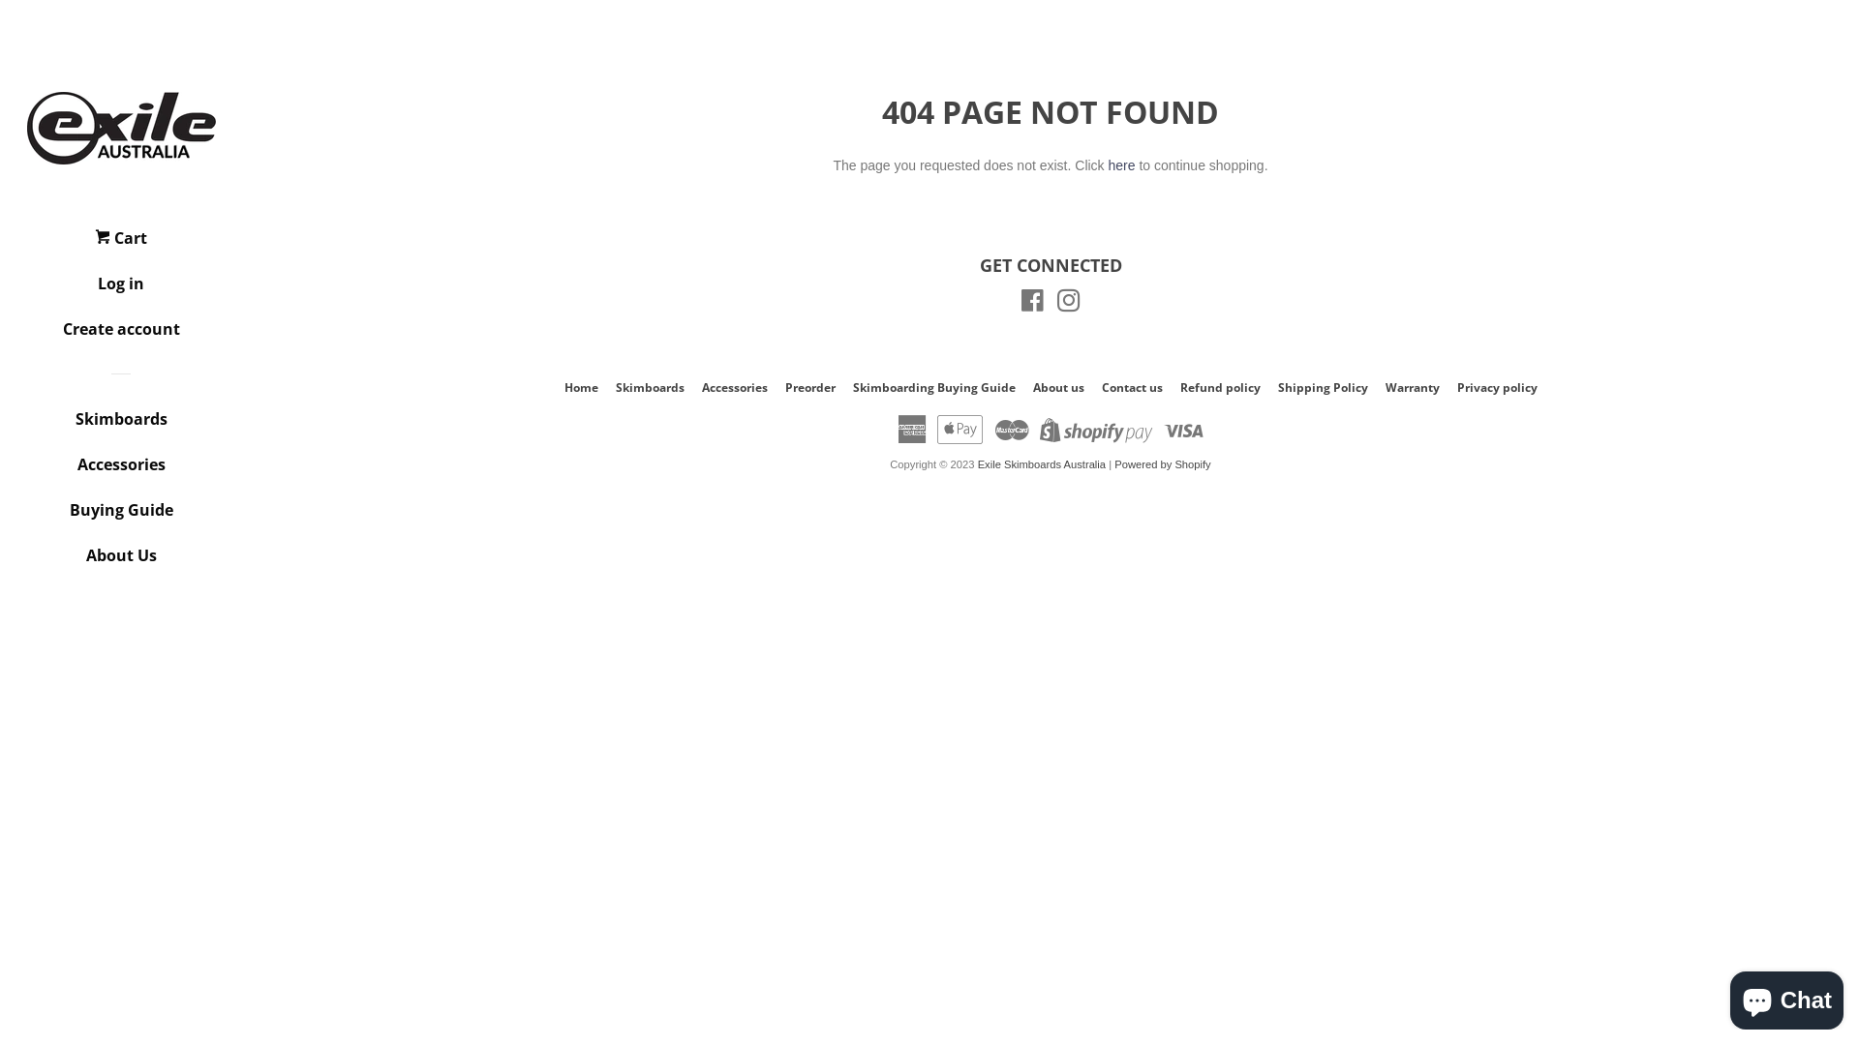 The height and width of the screenshot is (1045, 1859). I want to click on 'Skimboards', so click(119, 425).